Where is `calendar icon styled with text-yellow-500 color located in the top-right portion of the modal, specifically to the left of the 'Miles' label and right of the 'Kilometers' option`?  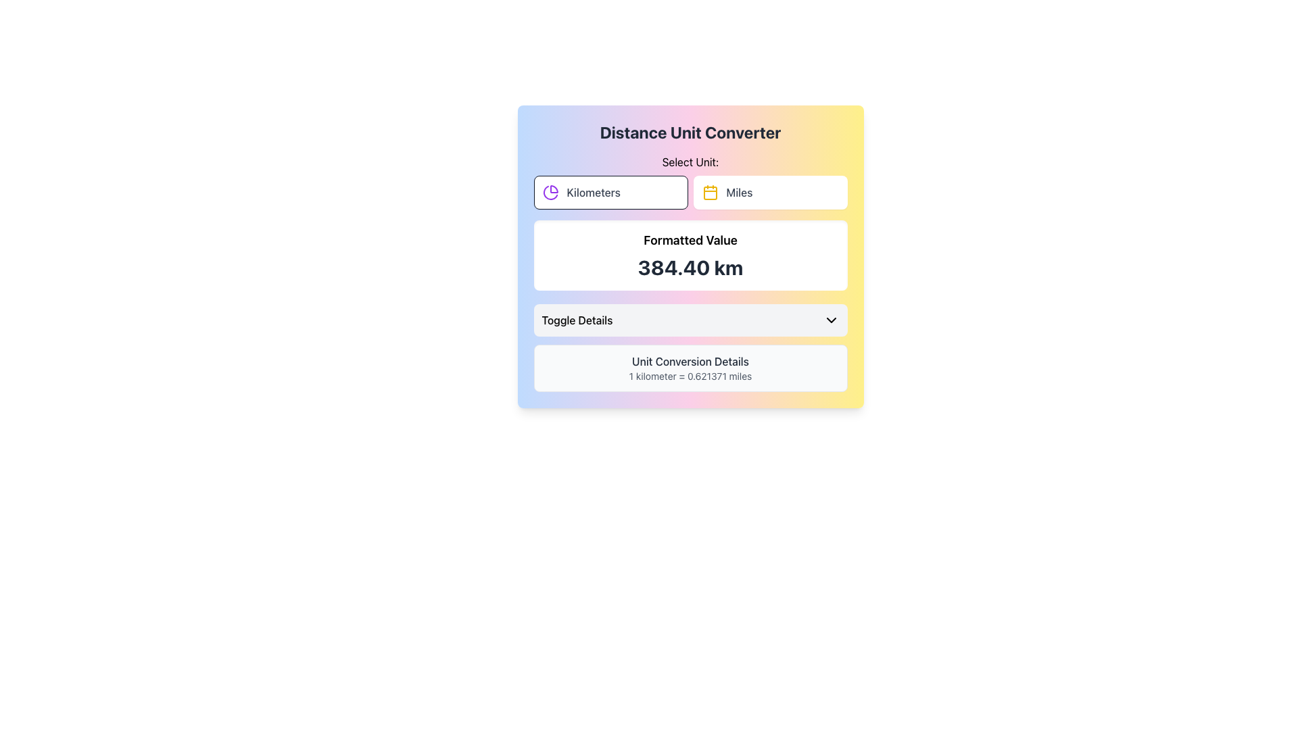
calendar icon styled with text-yellow-500 color located in the top-right portion of the modal, specifically to the left of the 'Miles' label and right of the 'Kilometers' option is located at coordinates (709, 193).